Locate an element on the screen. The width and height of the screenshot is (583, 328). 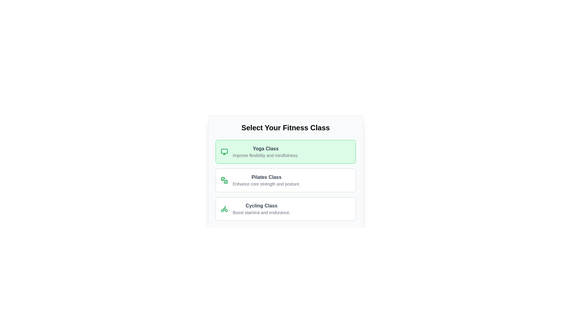
the Informational block for the Pilates class, which is the second element in the list under 'Select Your Fitness Class', positioned below 'Yoga Class' and above 'Cycling Class' is located at coordinates (285, 180).